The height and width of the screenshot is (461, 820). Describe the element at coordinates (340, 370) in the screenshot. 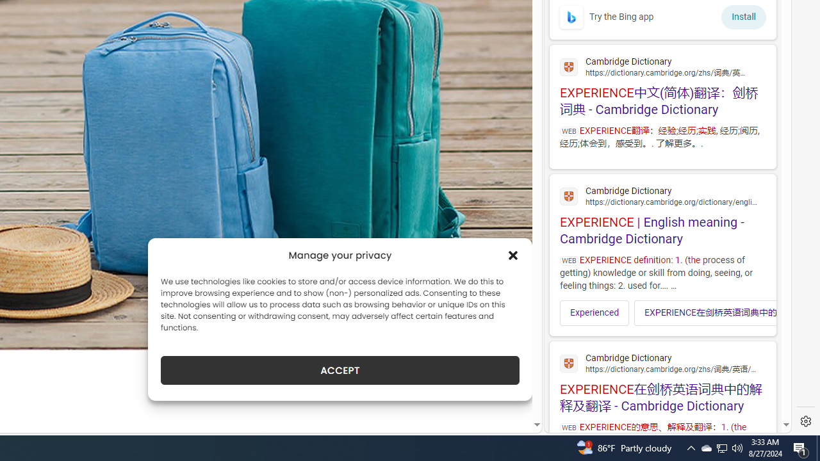

I see `'ACCEPT'` at that location.